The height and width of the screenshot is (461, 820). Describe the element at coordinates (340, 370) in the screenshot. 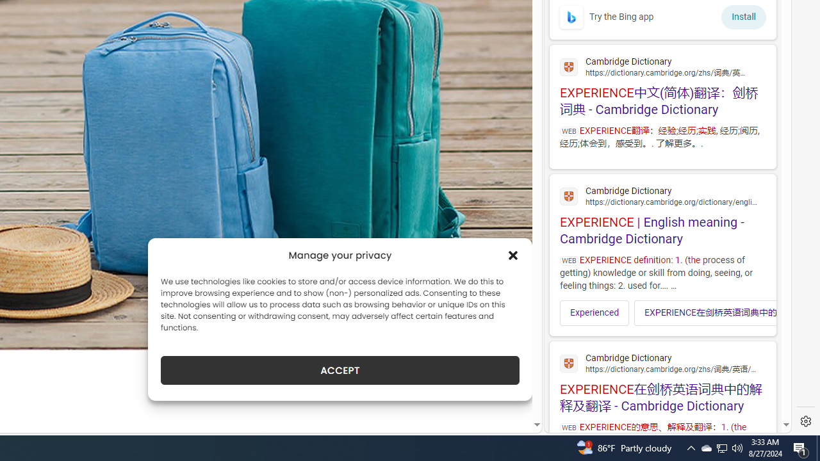

I see `'ACCEPT'` at that location.